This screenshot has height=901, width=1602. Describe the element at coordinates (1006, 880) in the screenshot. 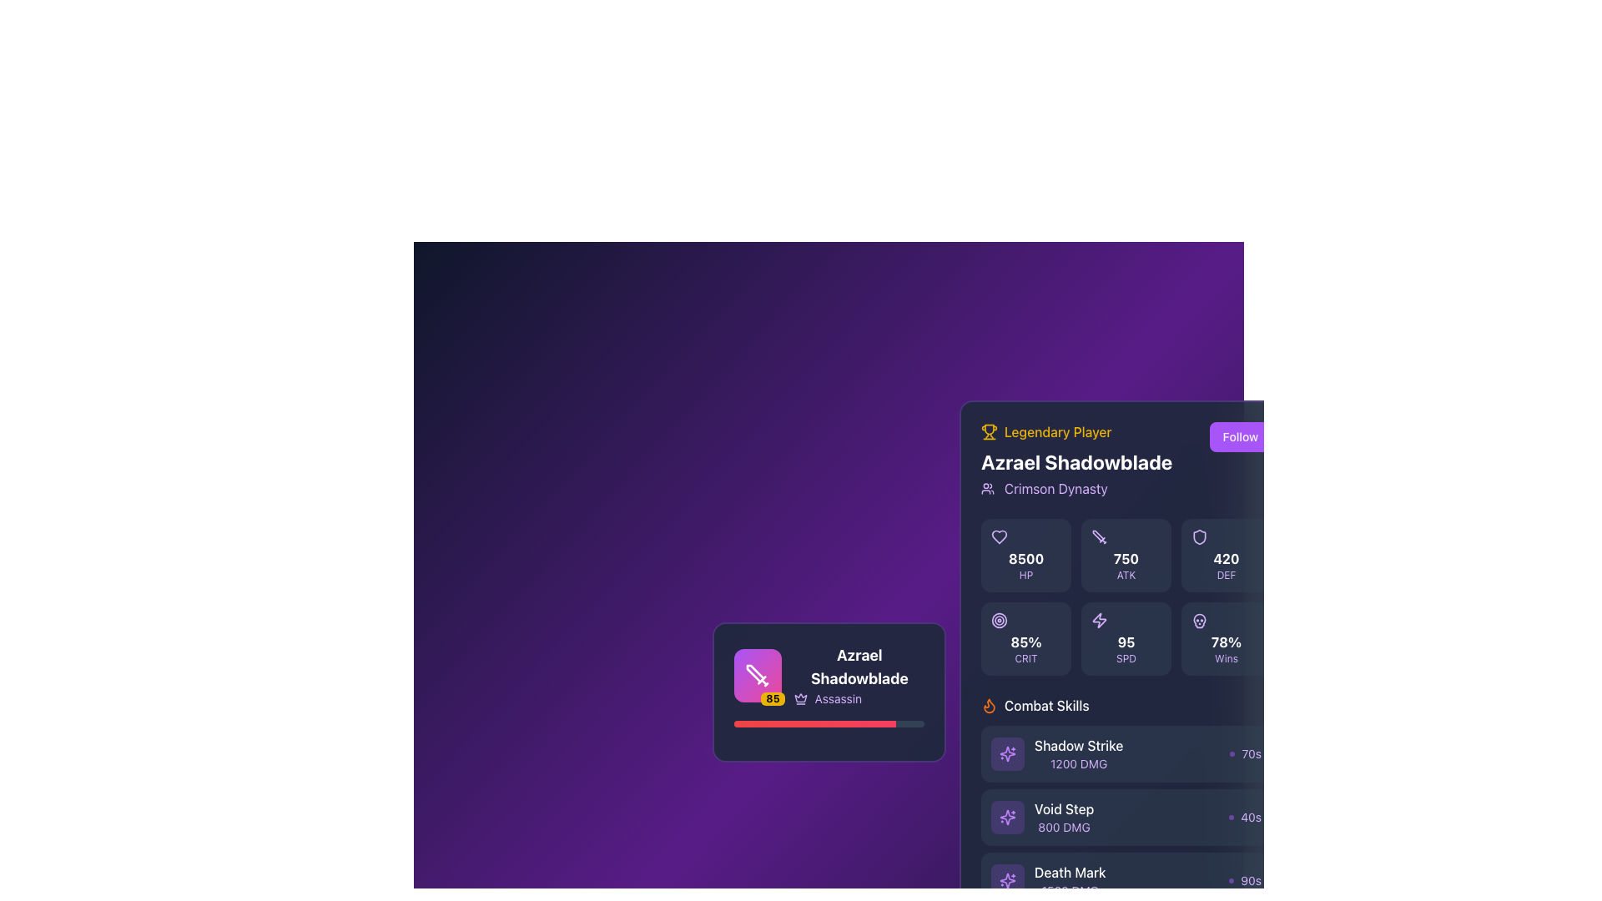

I see `the 'Death Mark' skill icon, which is positioned to the left of the '1500 DMG' text and aligned horizontally with the 'Death Mark' text in the combat skills section` at that location.